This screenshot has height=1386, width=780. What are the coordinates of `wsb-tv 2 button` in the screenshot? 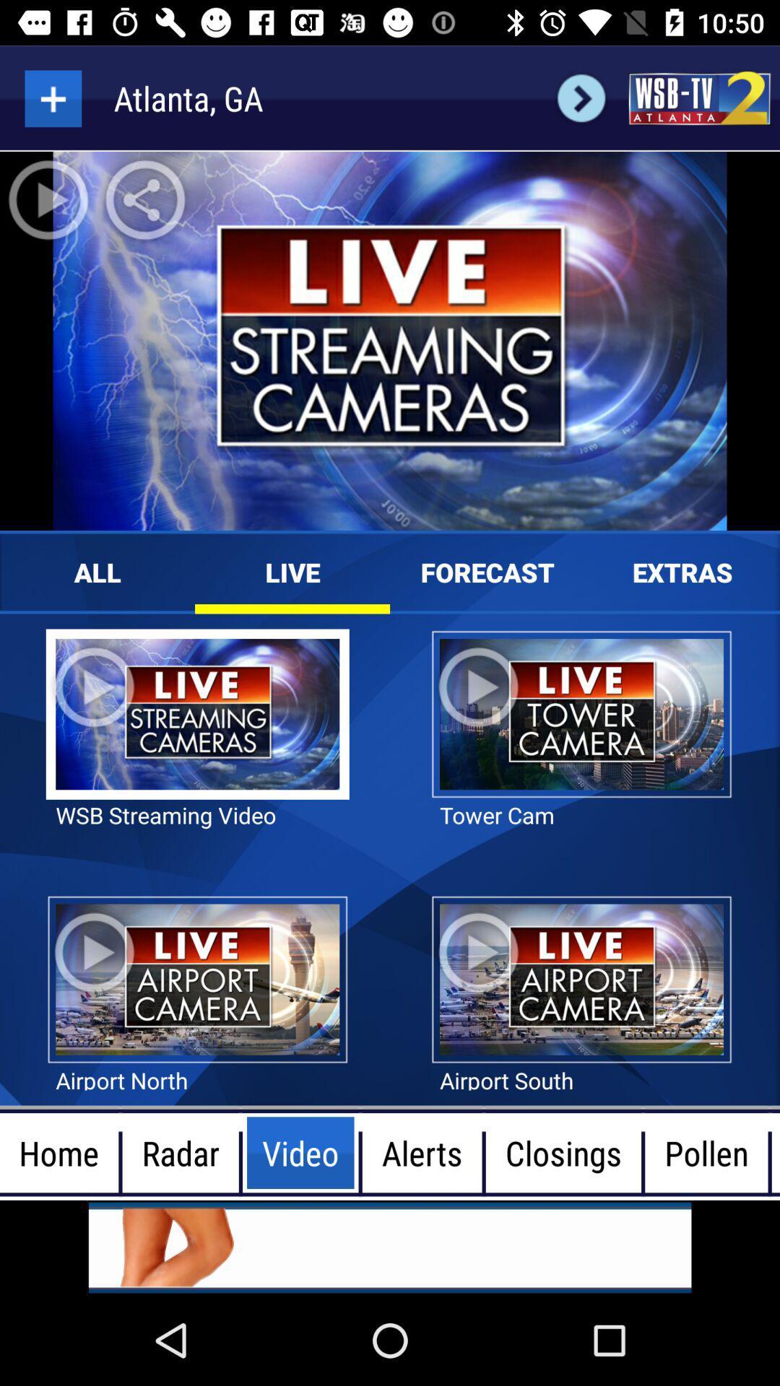 It's located at (698, 97).